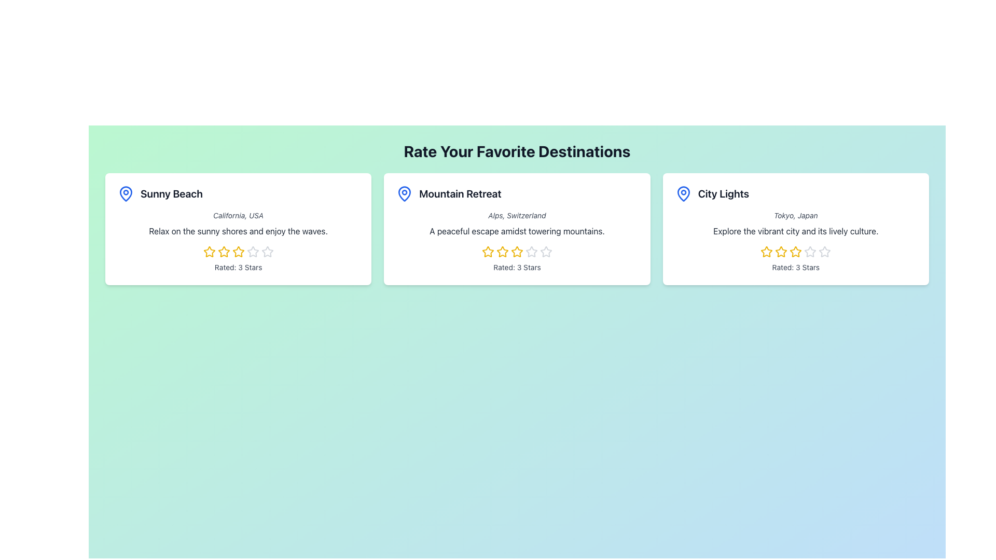 This screenshot has height=560, width=996. What do you see at coordinates (545, 251) in the screenshot?
I see `the fifth star in the 5-star rating system located below the 'Mountain Retreat' card` at bounding box center [545, 251].